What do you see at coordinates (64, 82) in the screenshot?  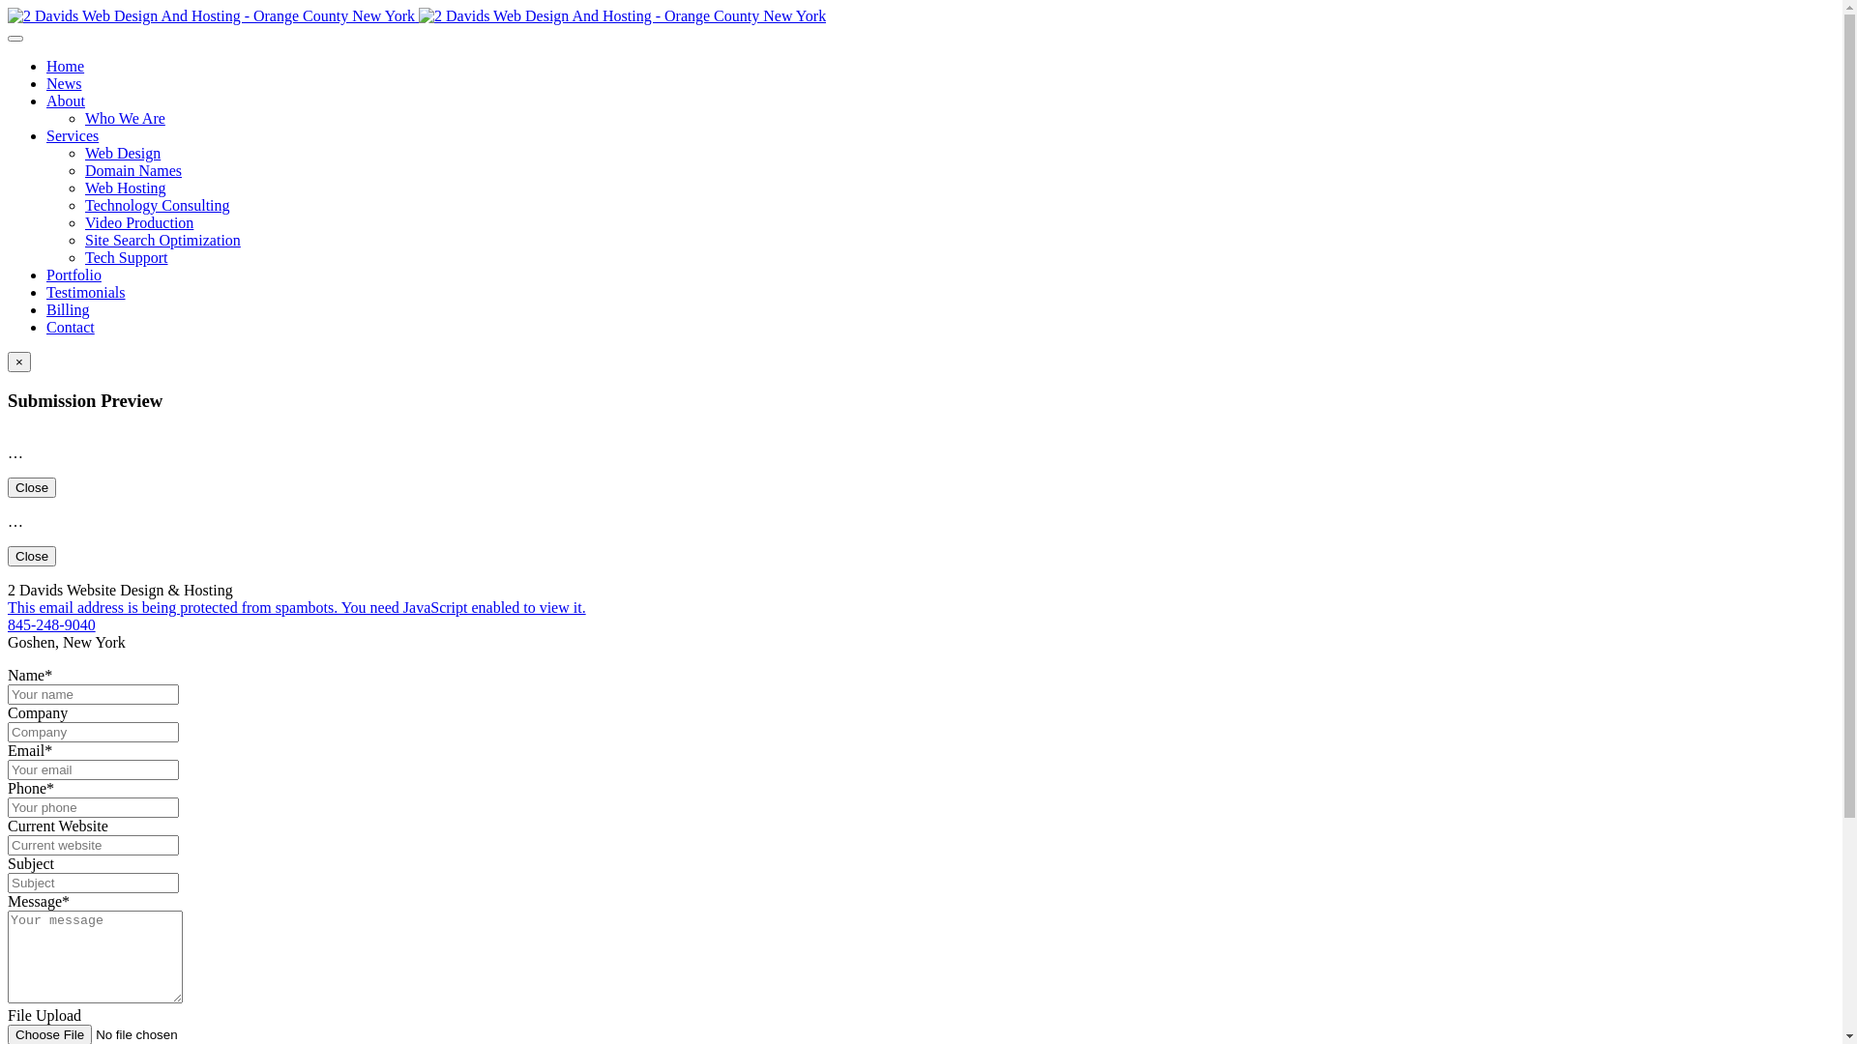 I see `'News'` at bounding box center [64, 82].